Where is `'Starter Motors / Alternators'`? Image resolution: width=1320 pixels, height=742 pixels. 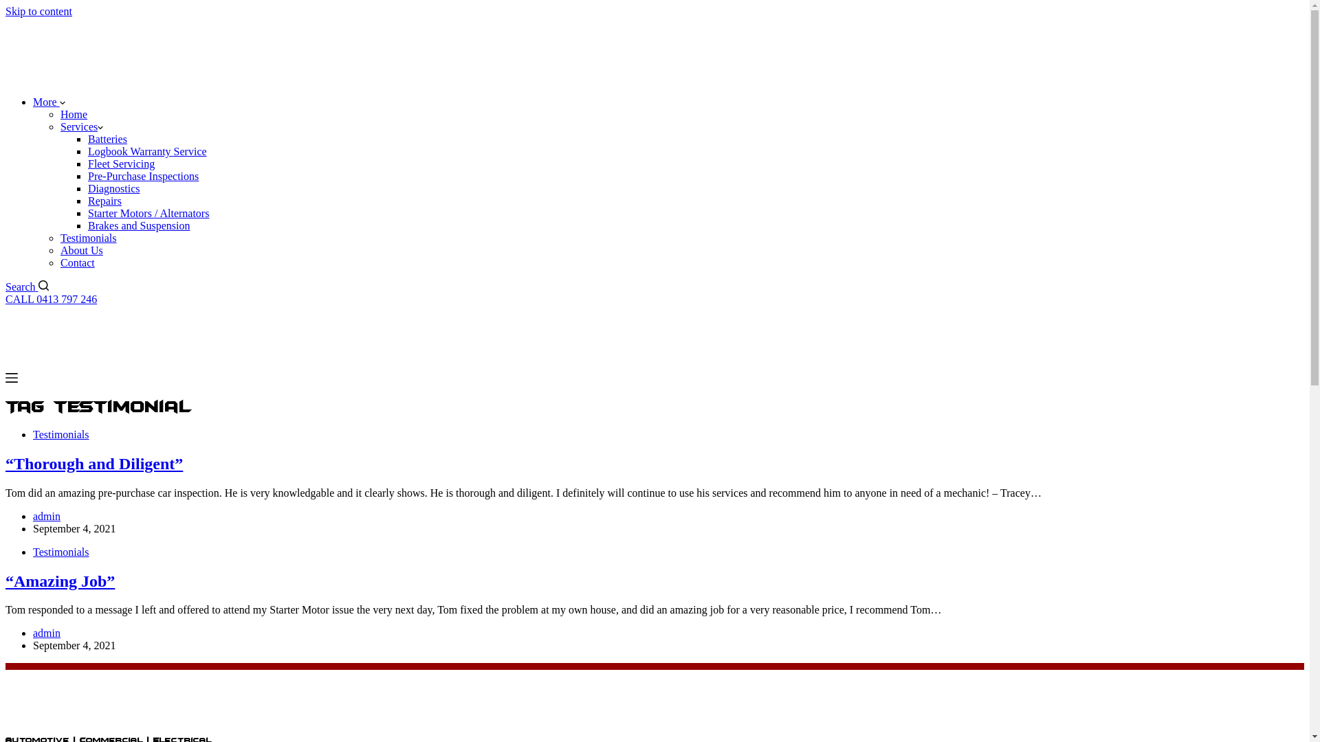
'Starter Motors / Alternators' is located at coordinates (87, 213).